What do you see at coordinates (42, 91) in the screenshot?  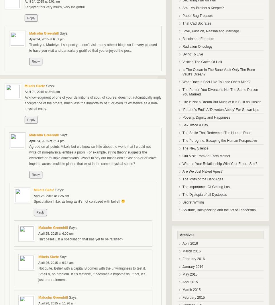 I see `'April 24, 2015 at 5:43 am'` at bounding box center [42, 91].